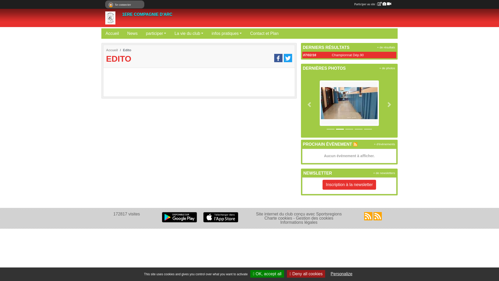  Describe the element at coordinates (278, 218) in the screenshot. I see `'Charte cookies'` at that location.